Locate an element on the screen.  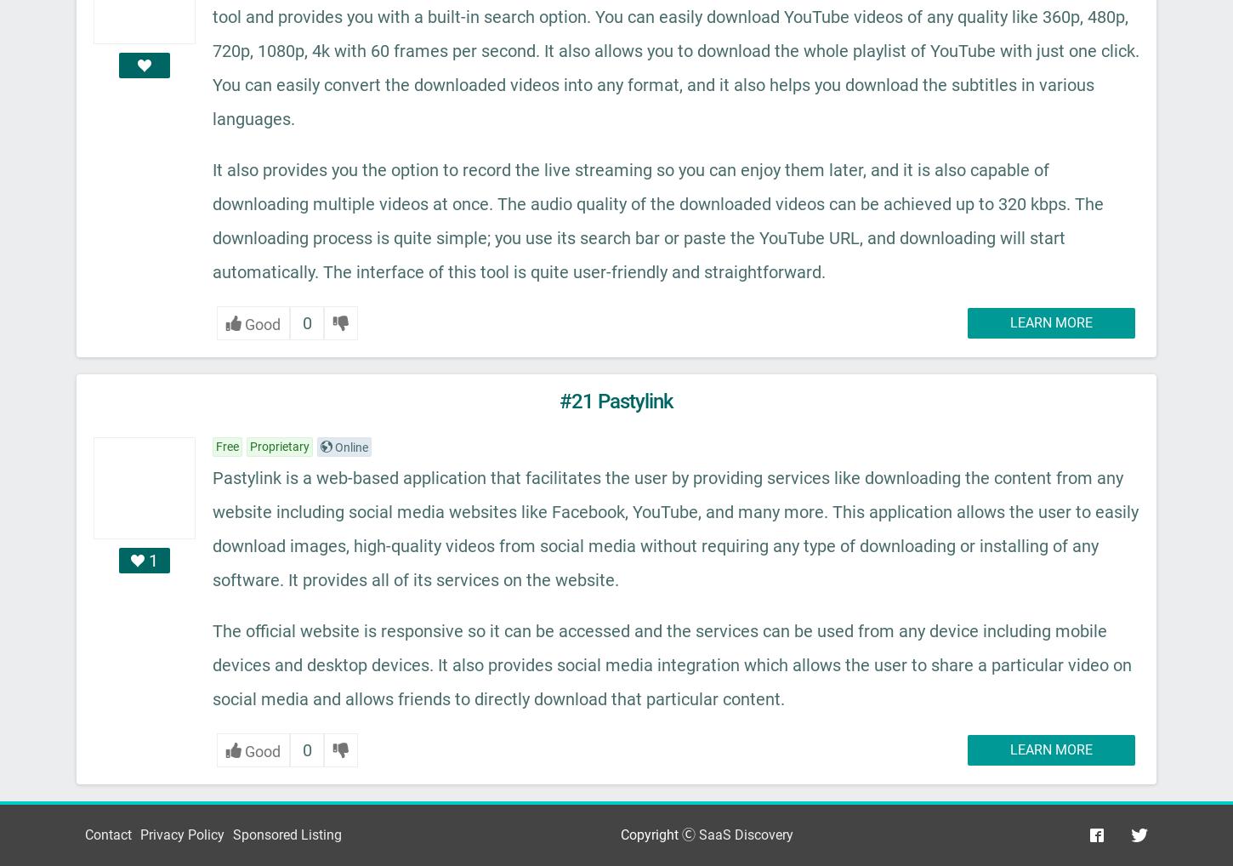
'Pastylink is a web-based application that facilitates the user by providing services like downloading the content from any website including social media websites like Facebook, YouTube, and many more. This application allows the user to easily download images, high-quality videos from social media without requiring any type of downloading or installing of any software. It provides all of its services on the website.' is located at coordinates (675, 527).